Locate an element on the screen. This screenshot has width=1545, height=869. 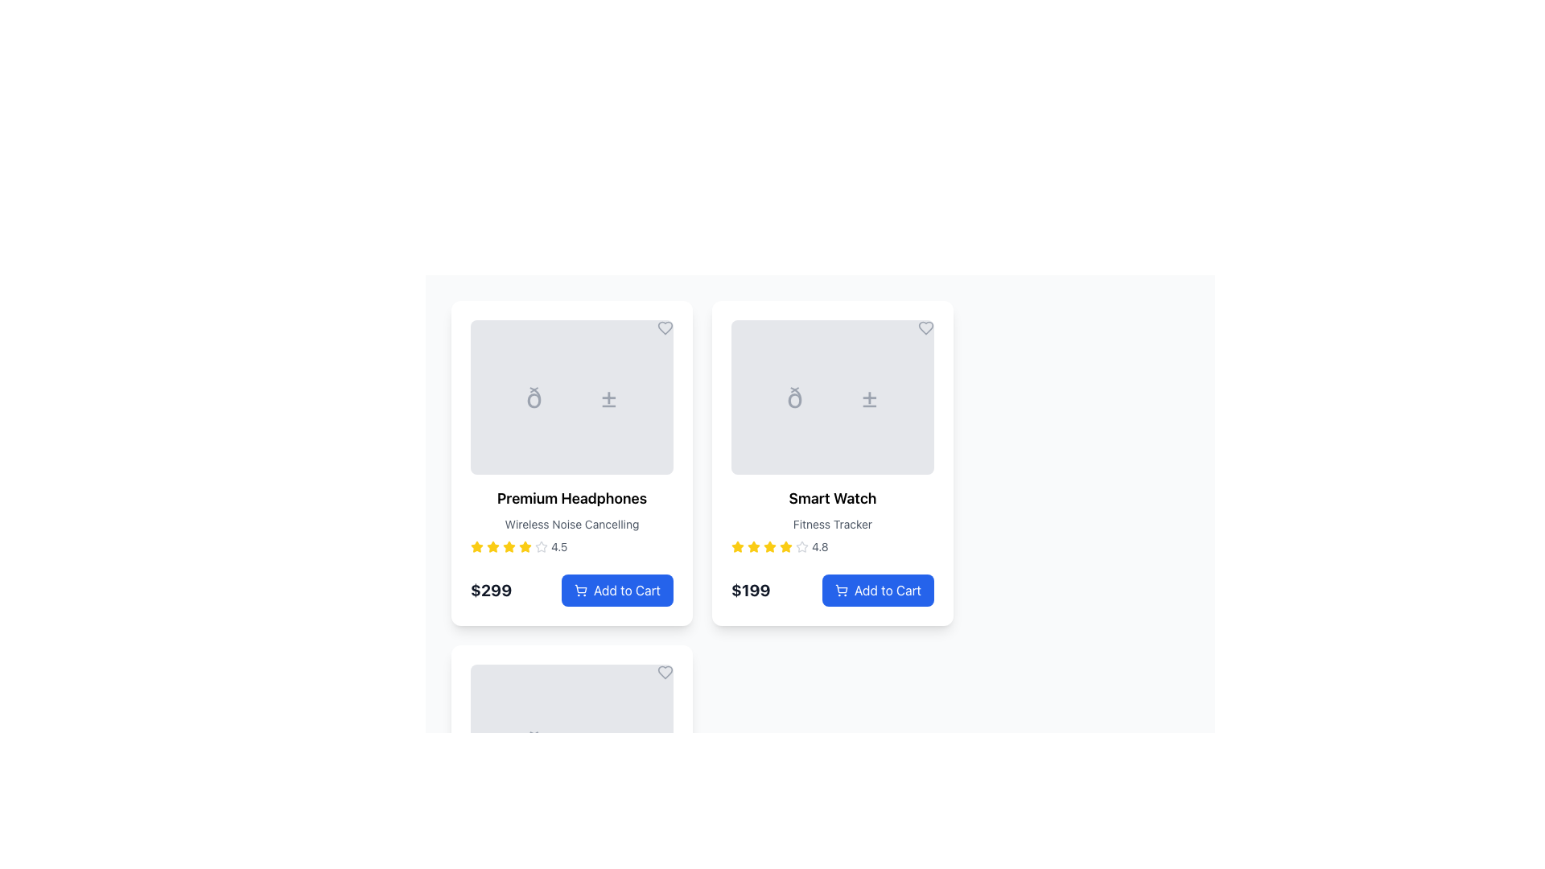
the text label reading 'Fitness Tracker', which is styled in a small, gray font and located beneath the main title 'Smart Watch' within the product card is located at coordinates (833, 524).